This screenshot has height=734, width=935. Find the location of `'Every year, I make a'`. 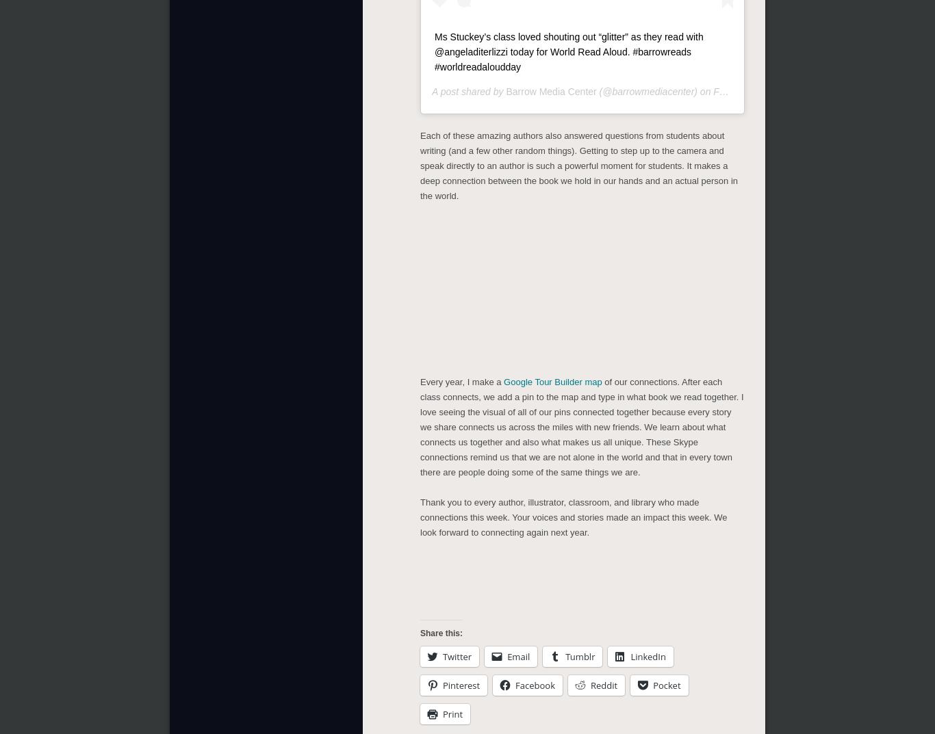

'Every year, I make a' is located at coordinates (461, 379).